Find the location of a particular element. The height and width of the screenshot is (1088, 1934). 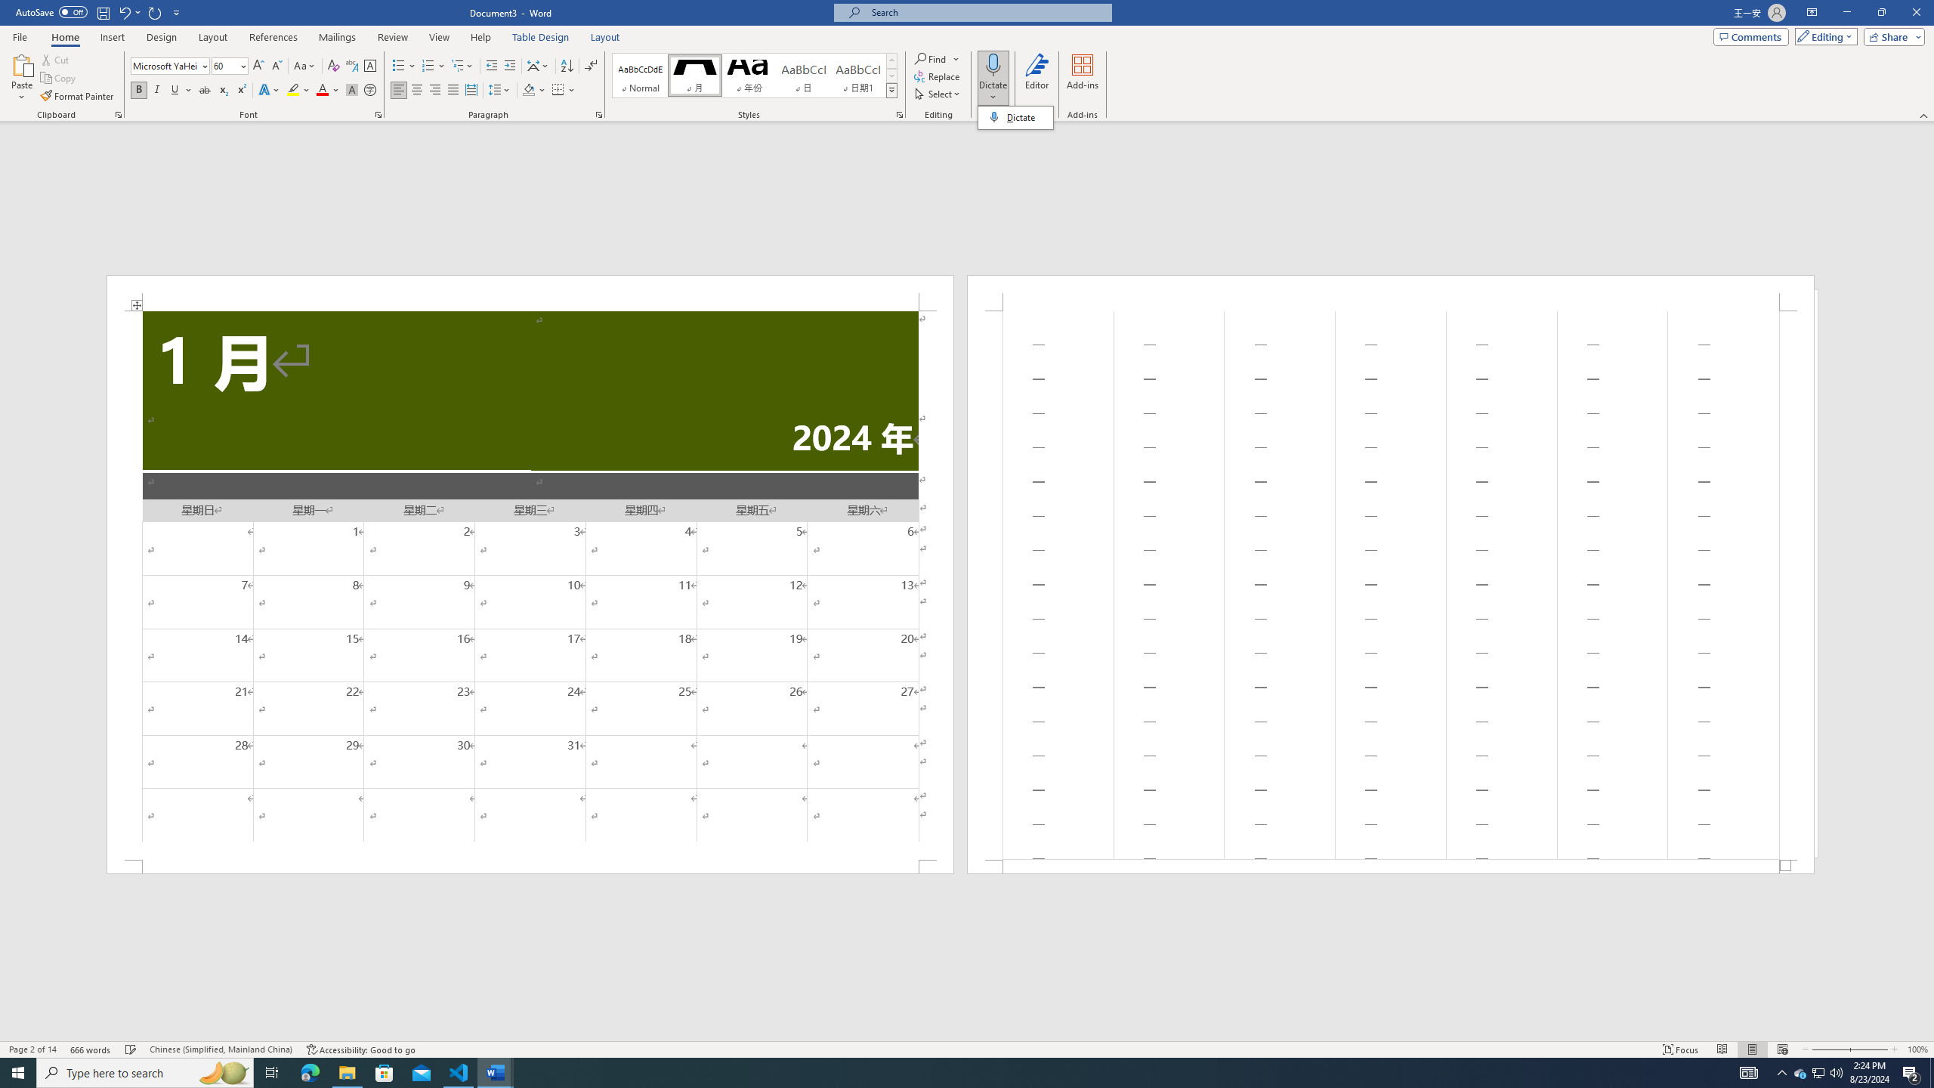

'Select' is located at coordinates (937, 92).